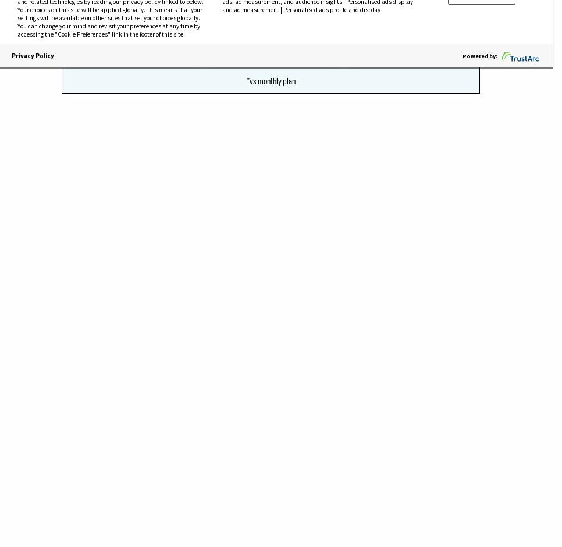 This screenshot has width=562, height=547. I want to click on 'nationwide', so click(202, 113).